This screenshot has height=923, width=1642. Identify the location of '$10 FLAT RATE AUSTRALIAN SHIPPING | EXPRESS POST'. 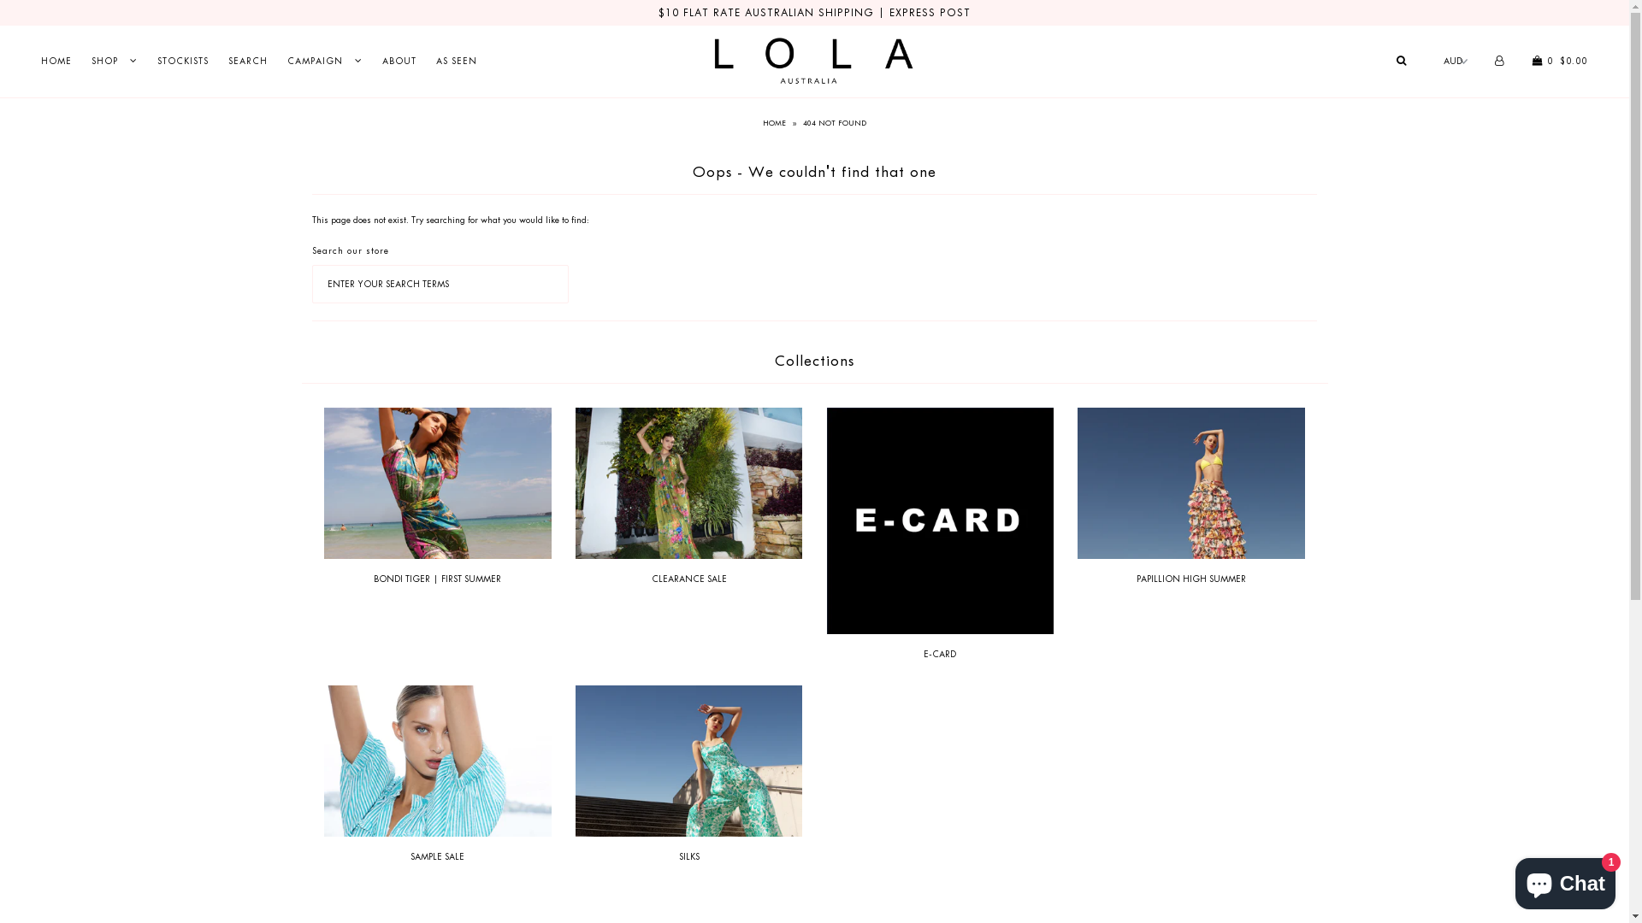
(813, 12).